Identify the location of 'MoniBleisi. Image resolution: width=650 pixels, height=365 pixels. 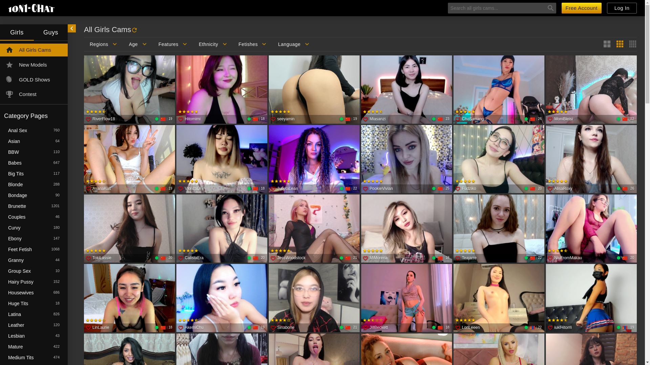
(591, 90).